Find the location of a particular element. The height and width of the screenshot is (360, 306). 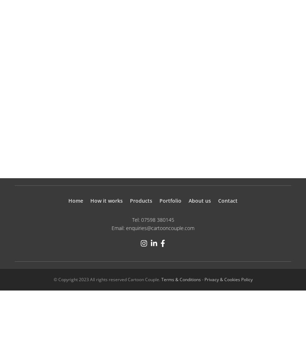

'© Copyright 2023 All rights reserved Cartoon Couple.' is located at coordinates (107, 279).